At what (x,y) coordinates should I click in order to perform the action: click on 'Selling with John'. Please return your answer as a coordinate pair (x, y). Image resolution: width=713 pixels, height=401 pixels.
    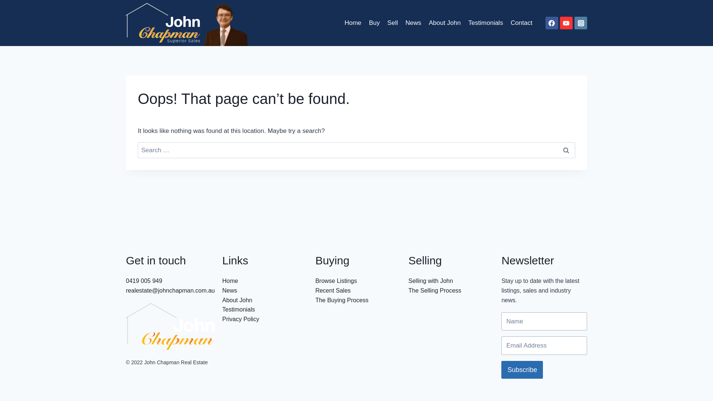
    Looking at the image, I should click on (431, 281).